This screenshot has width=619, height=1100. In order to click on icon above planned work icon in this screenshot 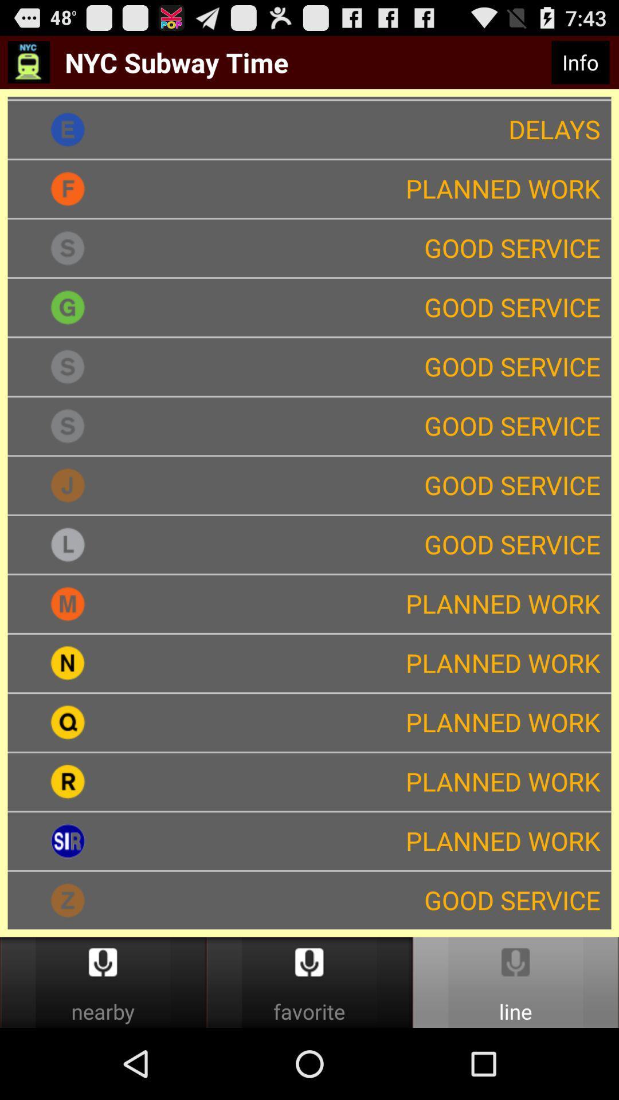, I will do `click(580, 62)`.